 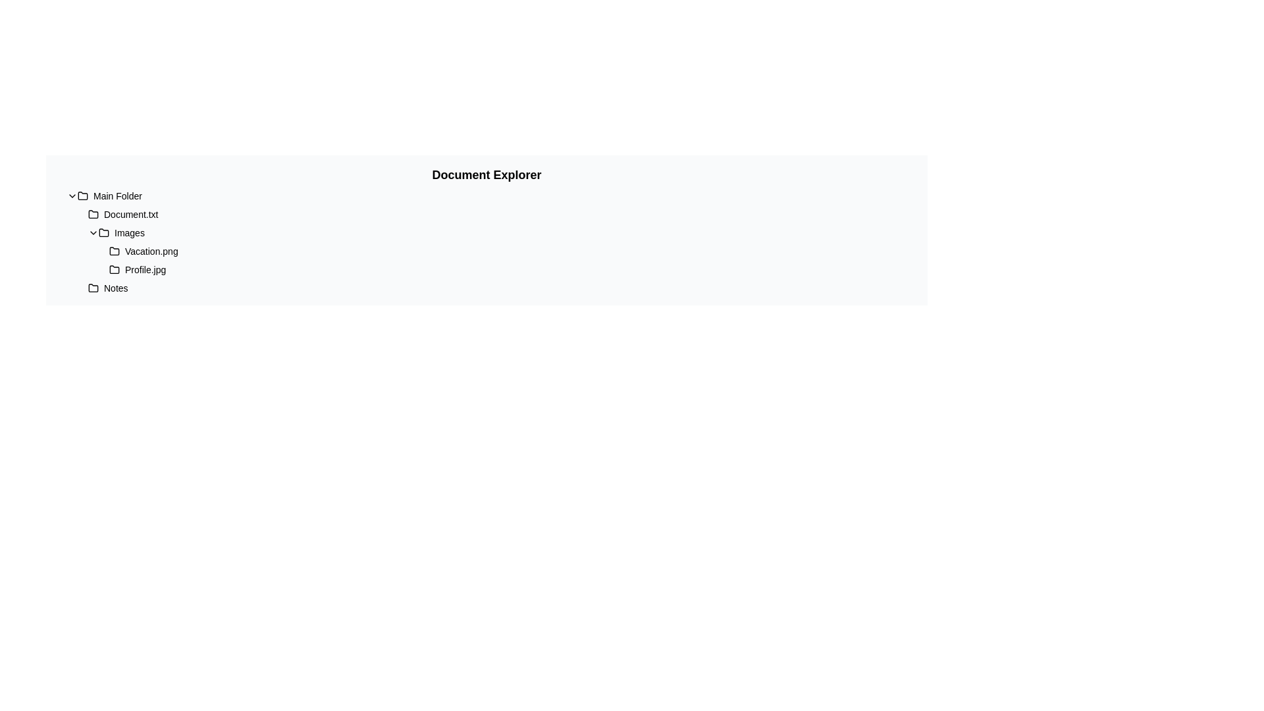 What do you see at coordinates (93, 214) in the screenshot?
I see `the folder icon represented by an SVG graphic, which is positioned immediately to the left of the text 'Document.txt'` at bounding box center [93, 214].